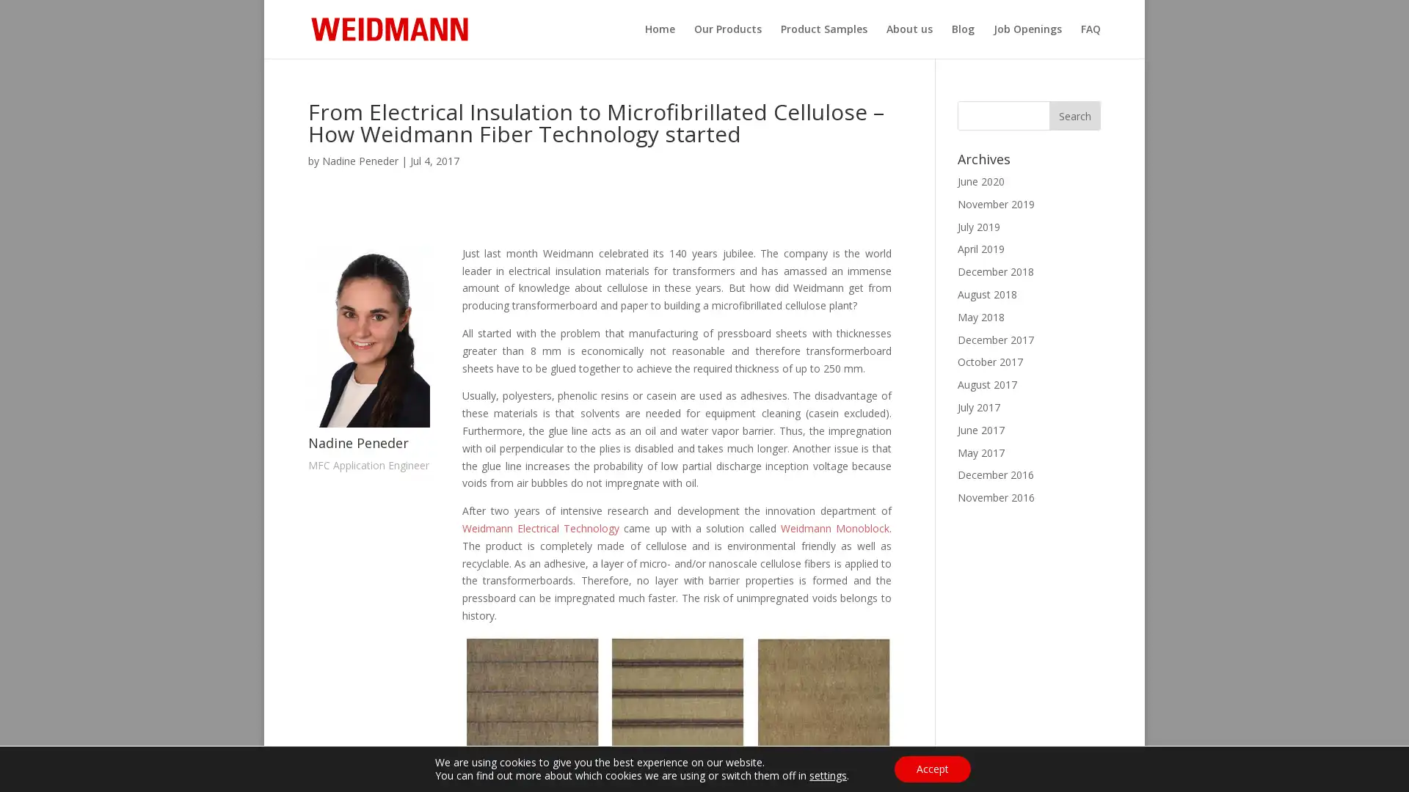 This screenshot has width=1409, height=792. What do you see at coordinates (1074, 115) in the screenshot?
I see `Search` at bounding box center [1074, 115].